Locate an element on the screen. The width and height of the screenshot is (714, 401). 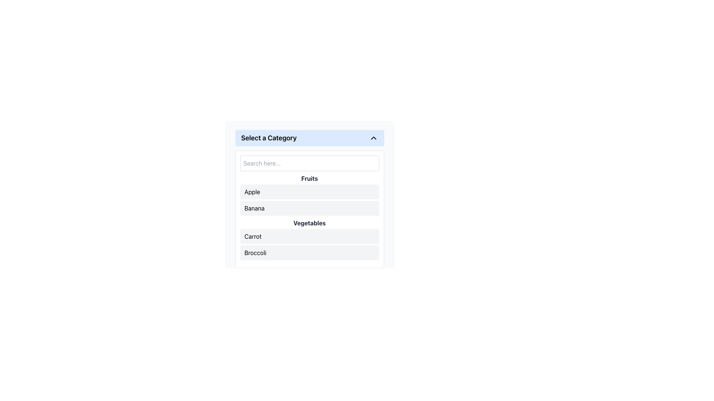
the 'Broccoli' selectable list item located under the 'Vegetables' category is located at coordinates (309, 252).